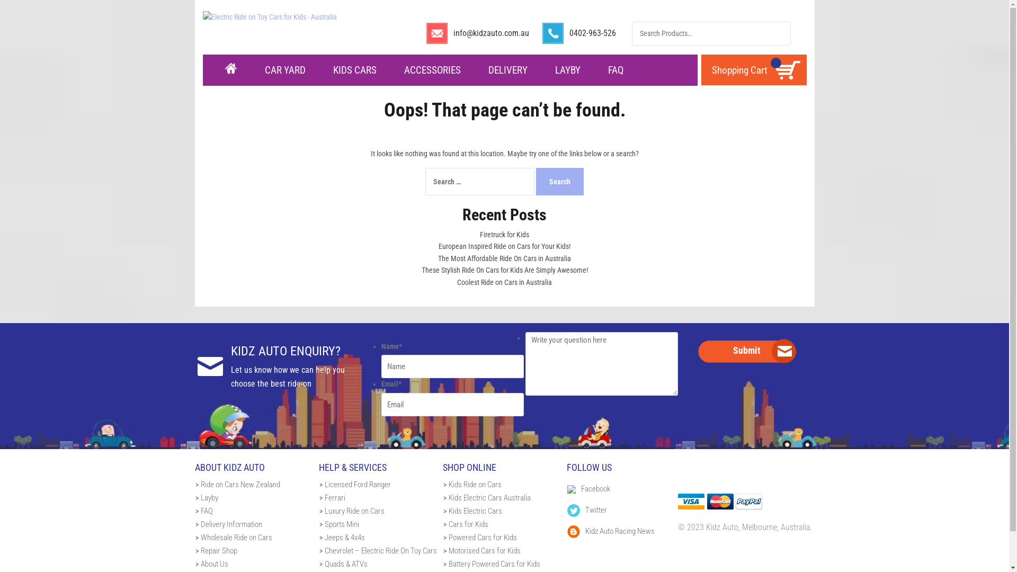 This screenshot has height=572, width=1017. What do you see at coordinates (739, 70) in the screenshot?
I see `'Shopping Cart'` at bounding box center [739, 70].